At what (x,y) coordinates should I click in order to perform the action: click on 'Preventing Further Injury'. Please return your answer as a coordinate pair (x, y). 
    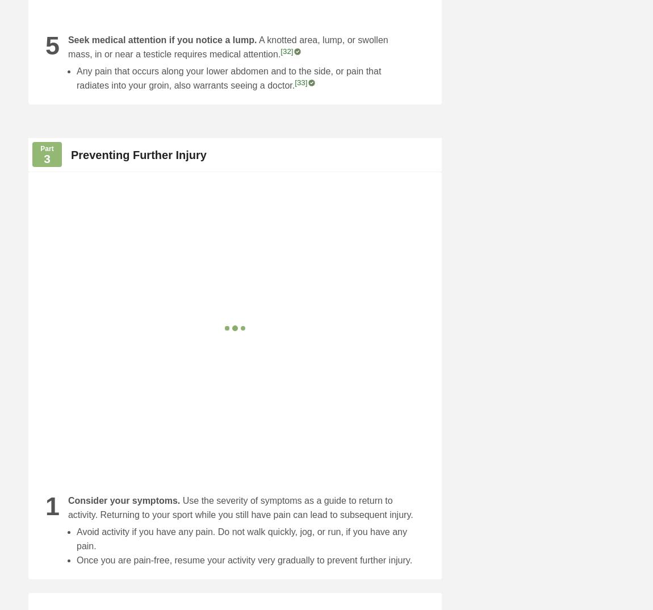
    Looking at the image, I should click on (138, 154).